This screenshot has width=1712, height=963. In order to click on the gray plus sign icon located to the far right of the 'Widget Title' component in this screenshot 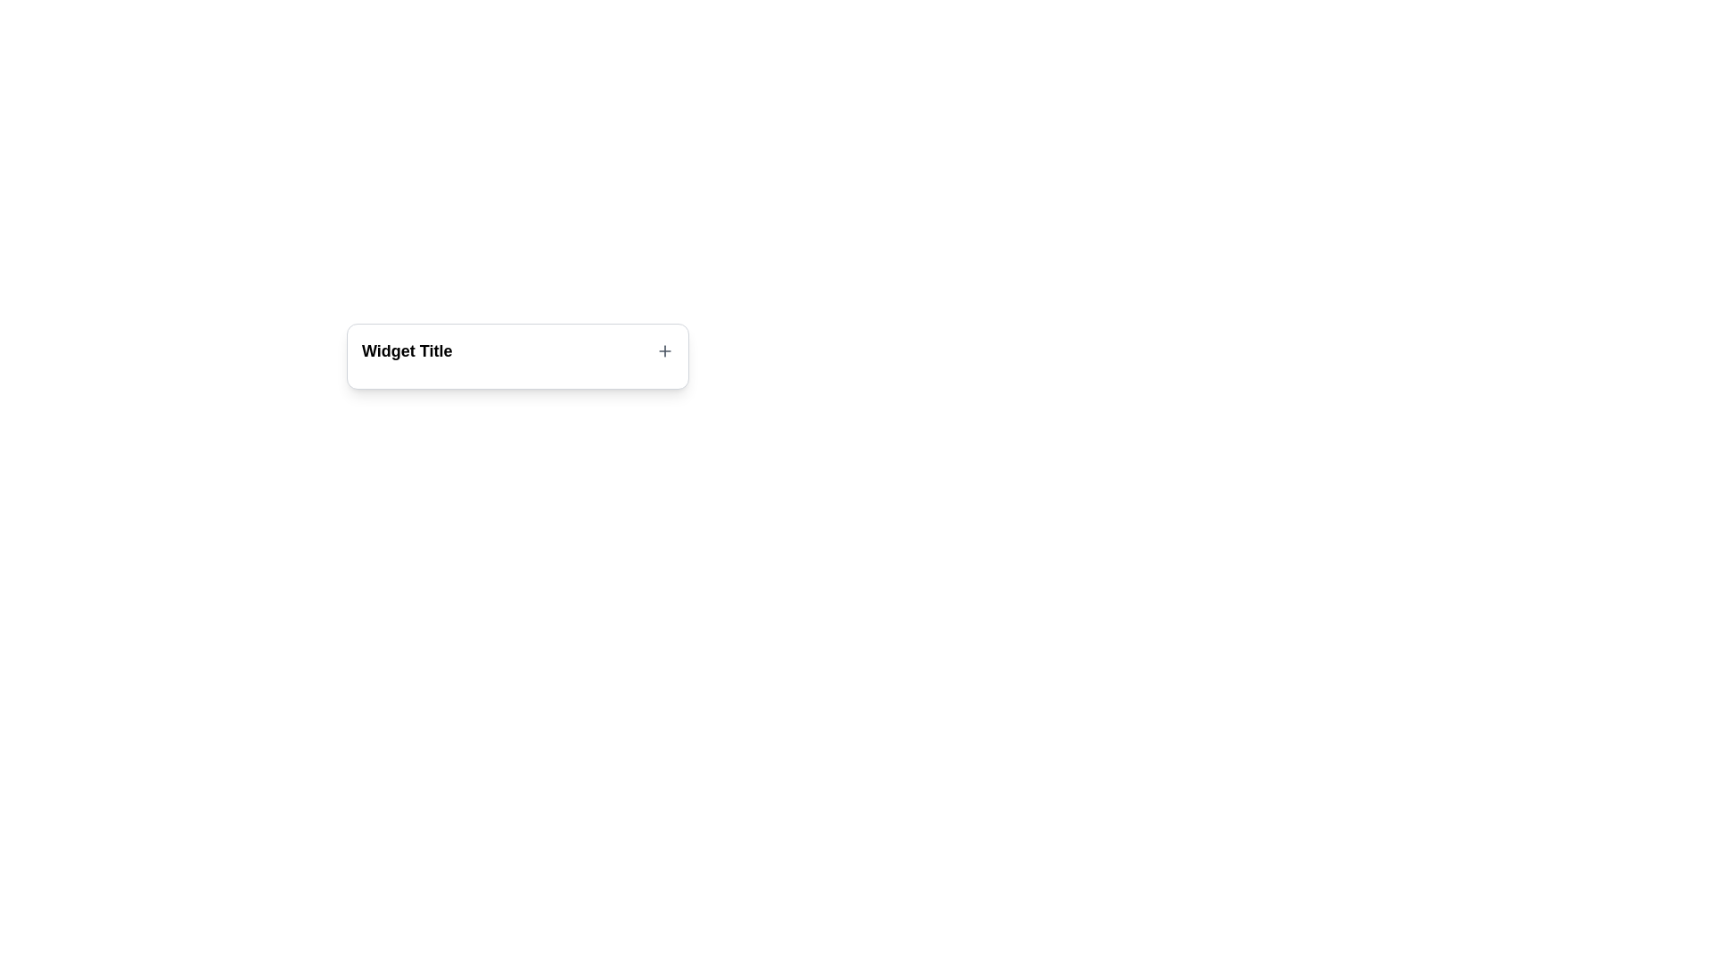, I will do `click(663, 350)`.